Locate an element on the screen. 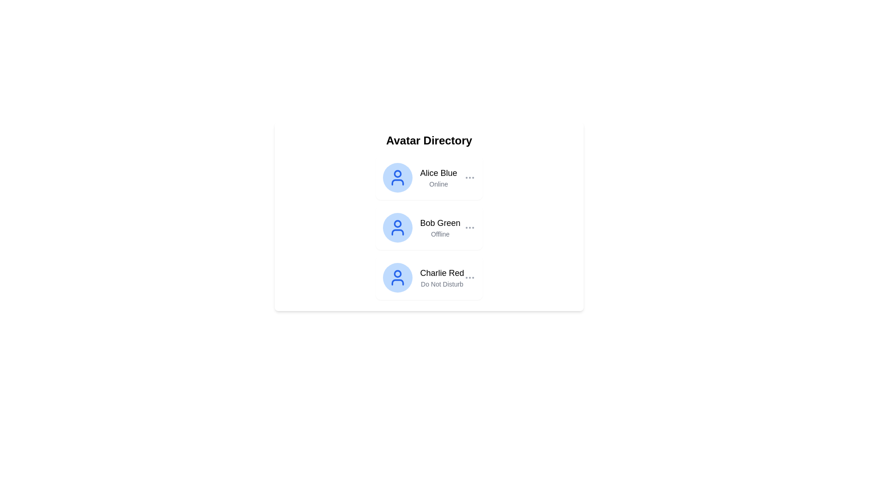  the vertical ellipsis icon button is located at coordinates (469, 228).